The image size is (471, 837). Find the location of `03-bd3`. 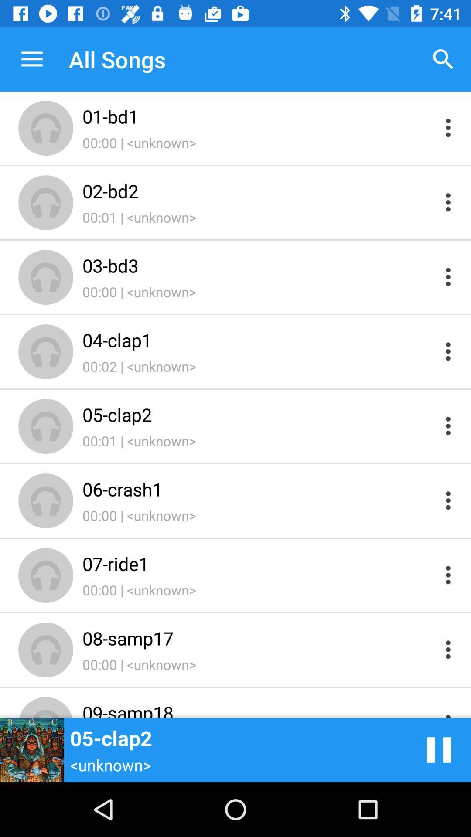

03-bd3 is located at coordinates (258, 265).